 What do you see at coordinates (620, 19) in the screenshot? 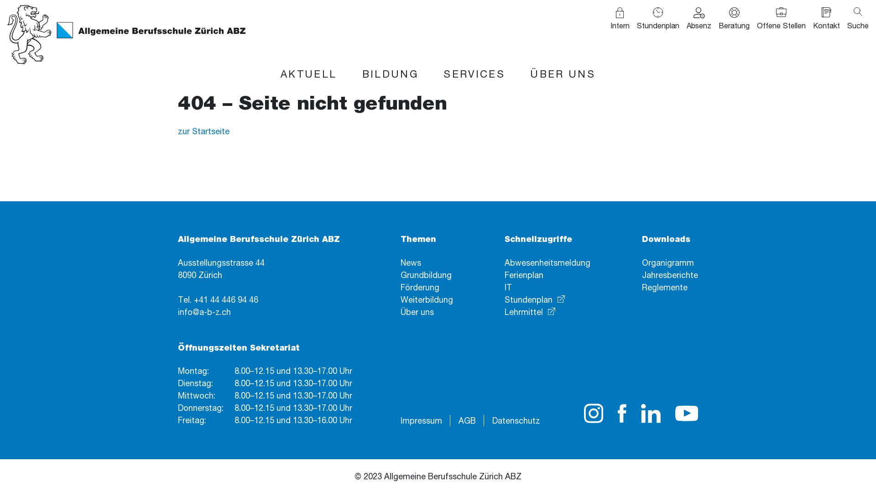
I see `'Intern'` at bounding box center [620, 19].